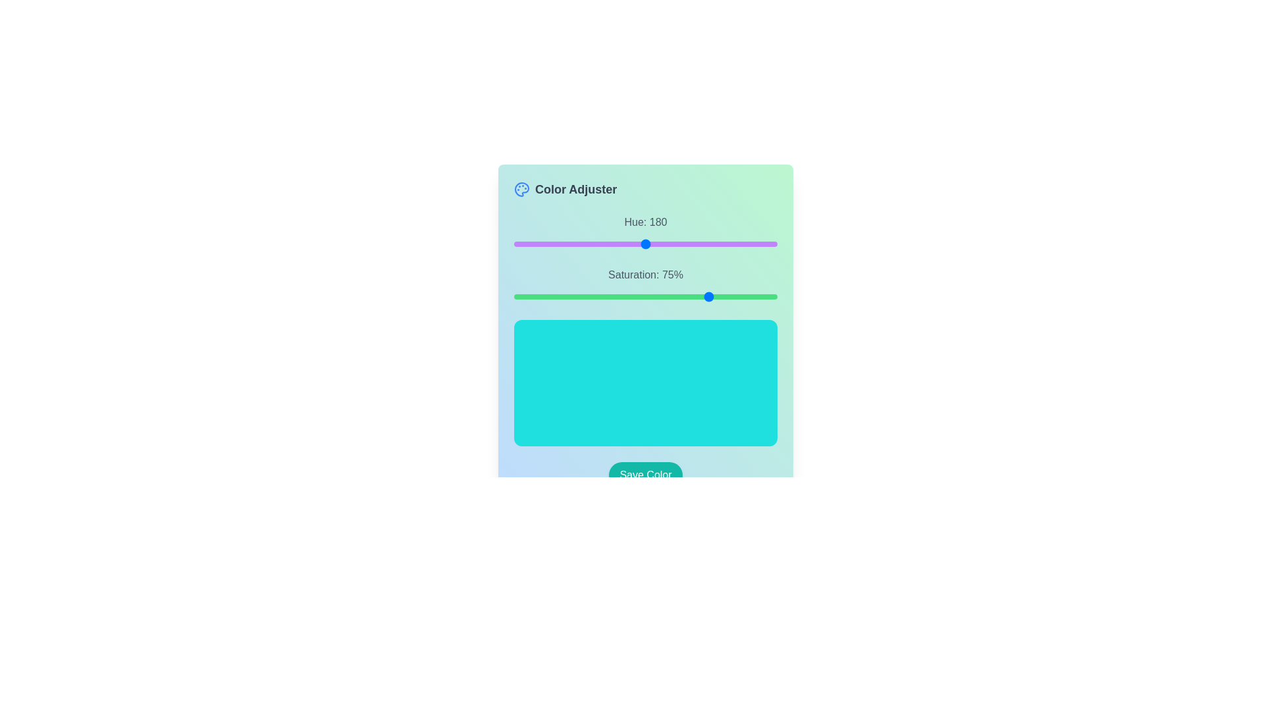  What do you see at coordinates (645, 244) in the screenshot?
I see `the hue slider located below the text 'Hue: 180' to set a specific hue value` at bounding box center [645, 244].